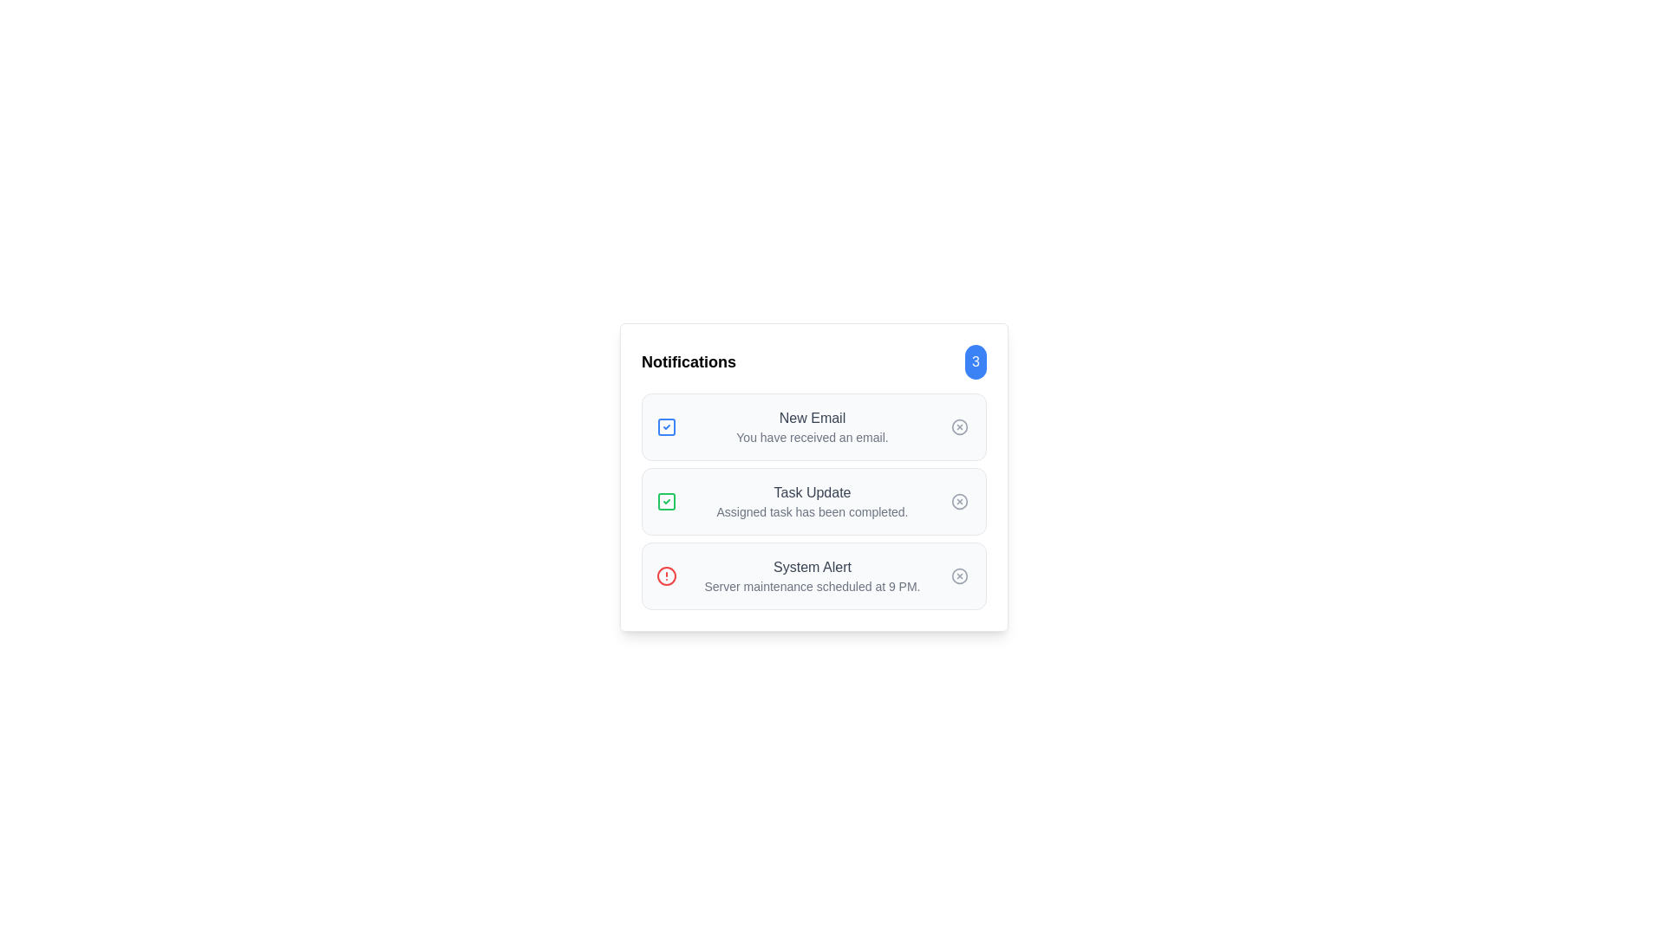  What do you see at coordinates (811, 510) in the screenshot?
I see `descriptive text located centrally within the second notification item, which provides context related to the 'Task Update.'` at bounding box center [811, 510].